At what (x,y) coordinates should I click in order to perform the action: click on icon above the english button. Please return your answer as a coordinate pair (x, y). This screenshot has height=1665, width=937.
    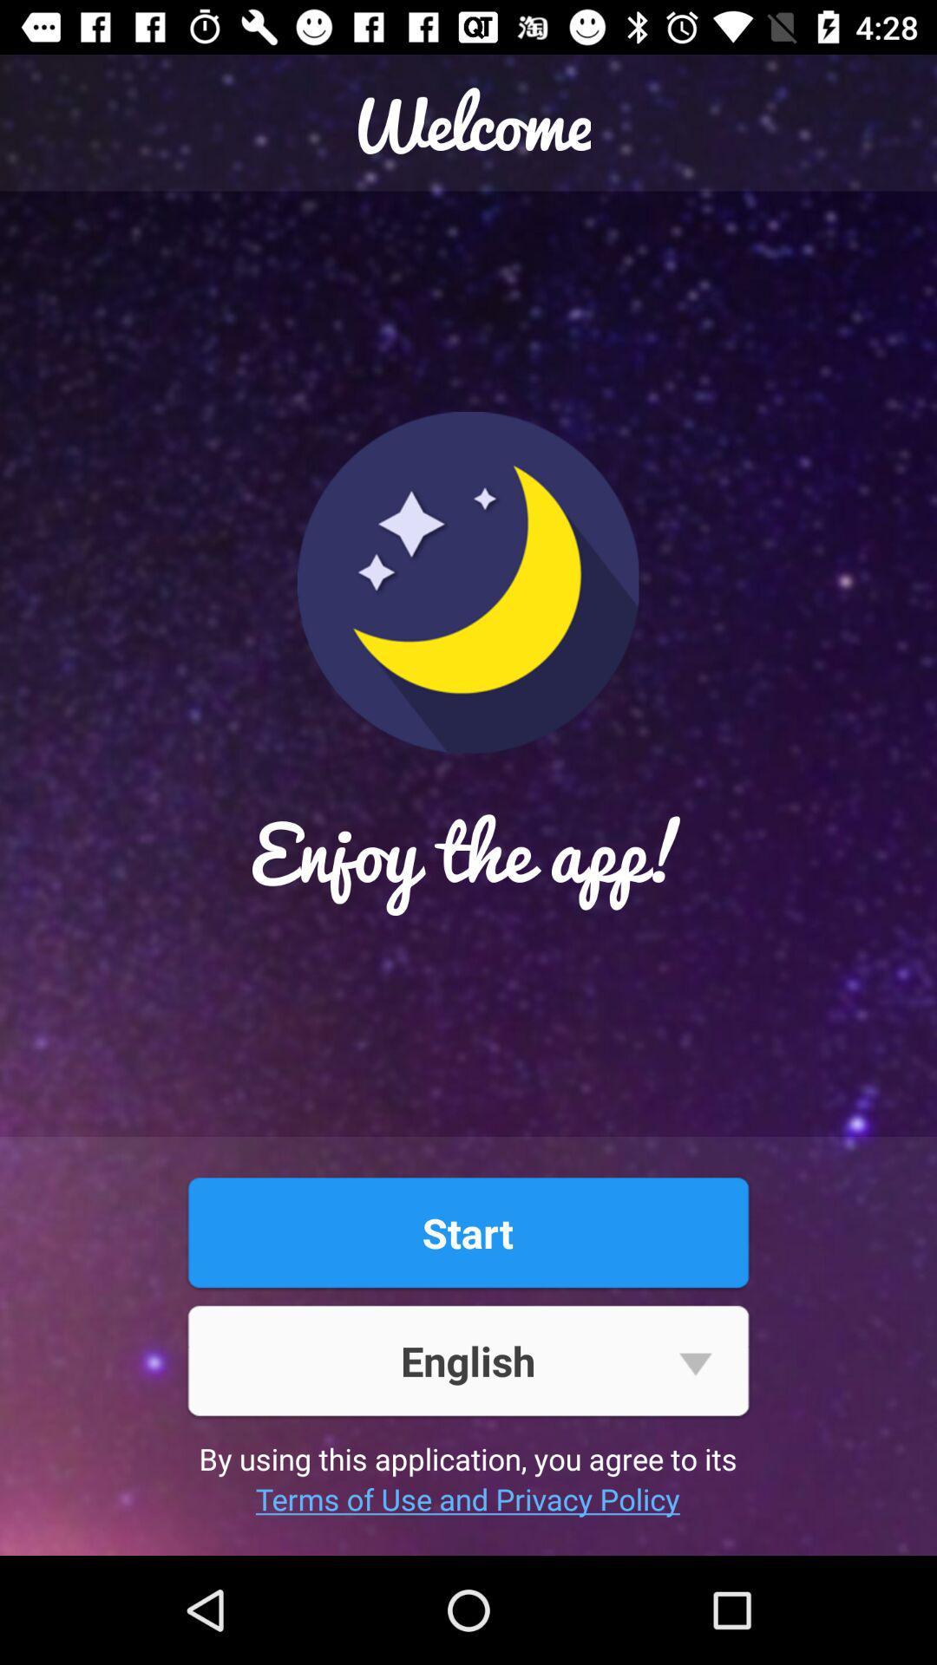
    Looking at the image, I should click on (467, 1231).